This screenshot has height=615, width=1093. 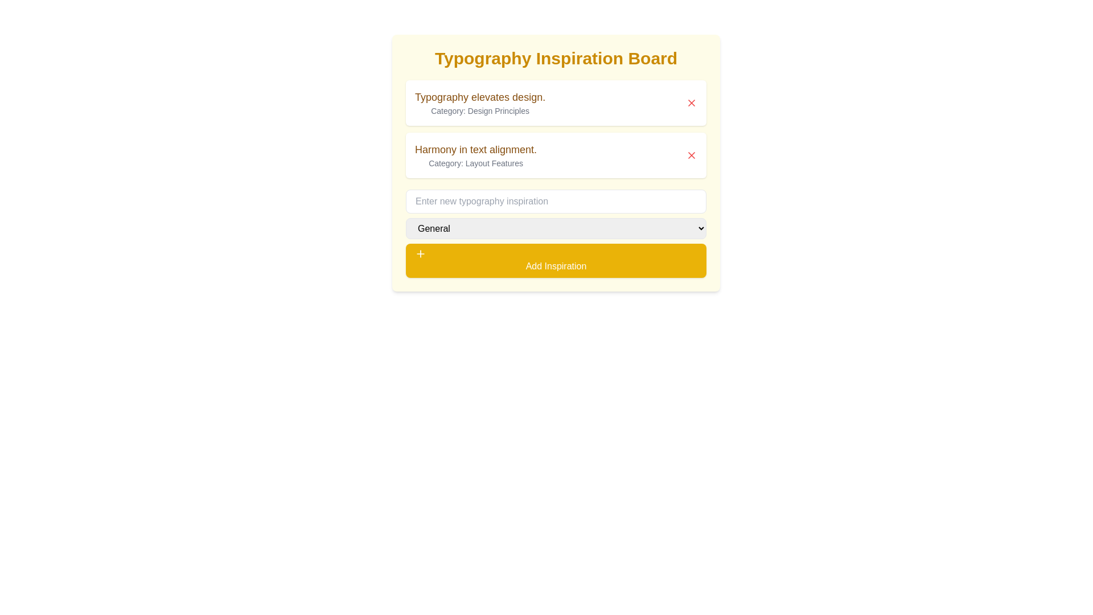 What do you see at coordinates (480, 103) in the screenshot?
I see `the first static text display representing an inspiration item, located above the element labeled 'Harmony in text alignment'` at bounding box center [480, 103].